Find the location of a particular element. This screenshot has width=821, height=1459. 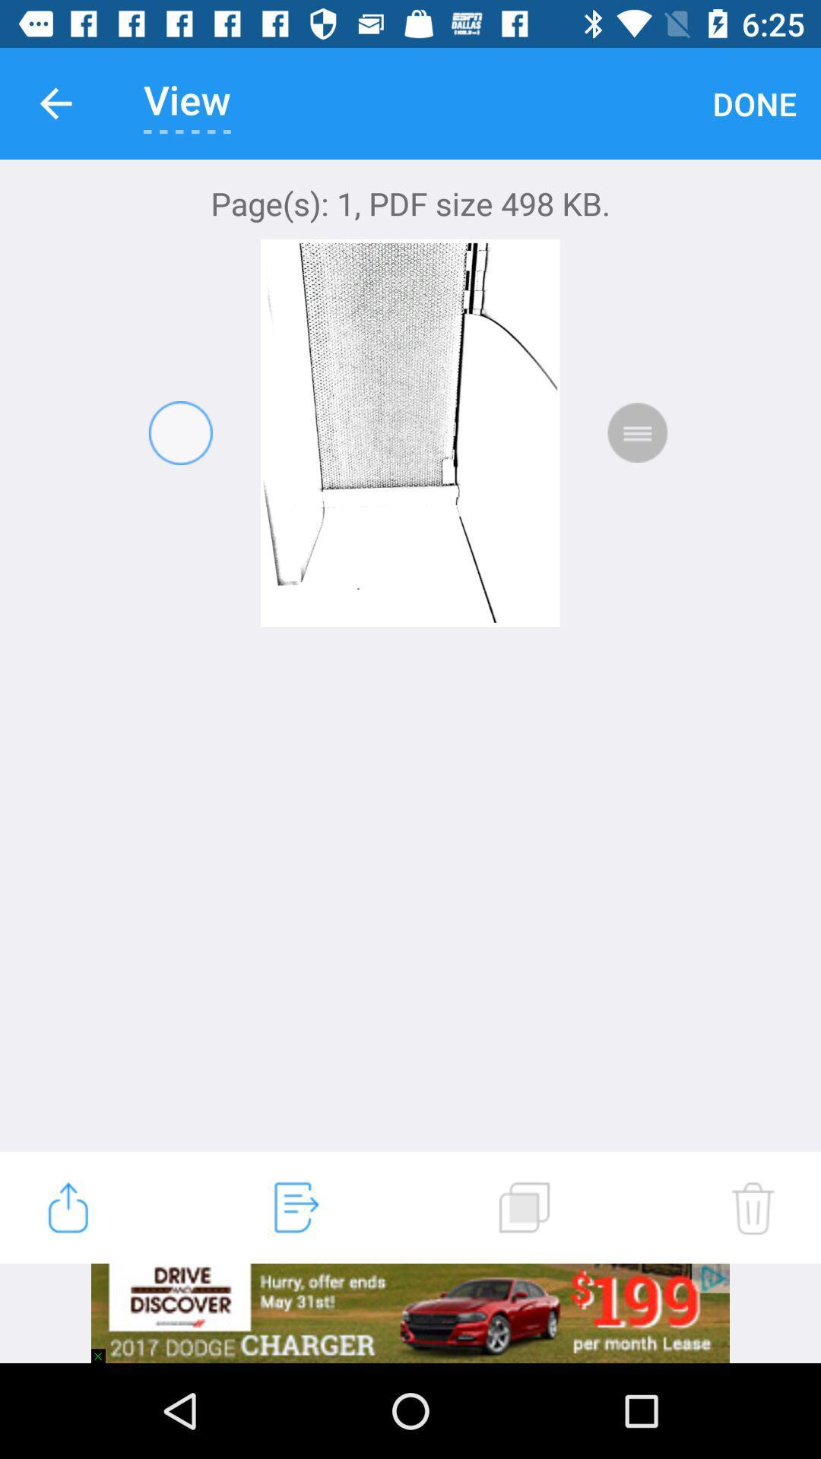

the icon above page s 1 is located at coordinates (55, 103).